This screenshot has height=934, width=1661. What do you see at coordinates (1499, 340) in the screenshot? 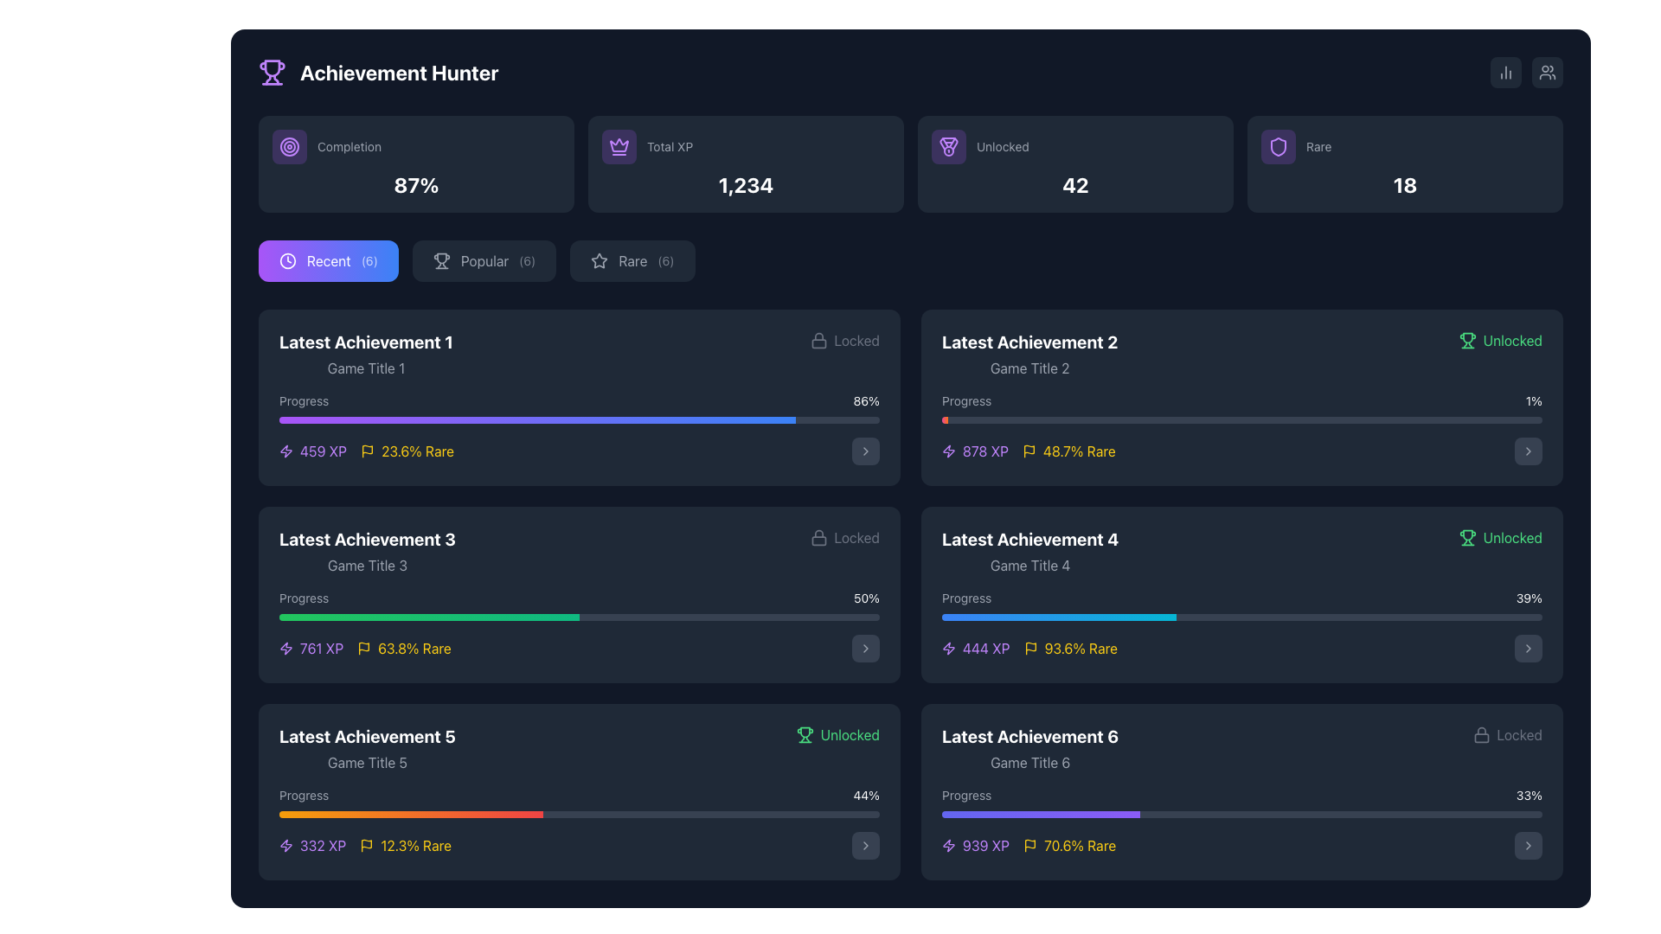
I see `the status of the 'Unlocked' label with a trophy icon located in the top-right corner of the 'Latest Achievement 2' panel` at bounding box center [1499, 340].